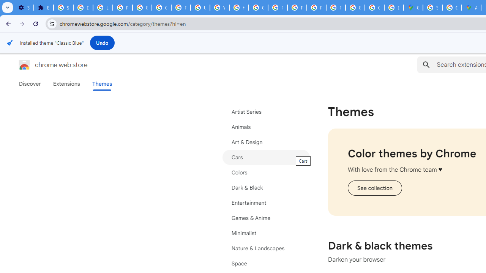 This screenshot has width=486, height=273. Describe the element at coordinates (24, 8) in the screenshot. I see `'Settings - On startup'` at that location.